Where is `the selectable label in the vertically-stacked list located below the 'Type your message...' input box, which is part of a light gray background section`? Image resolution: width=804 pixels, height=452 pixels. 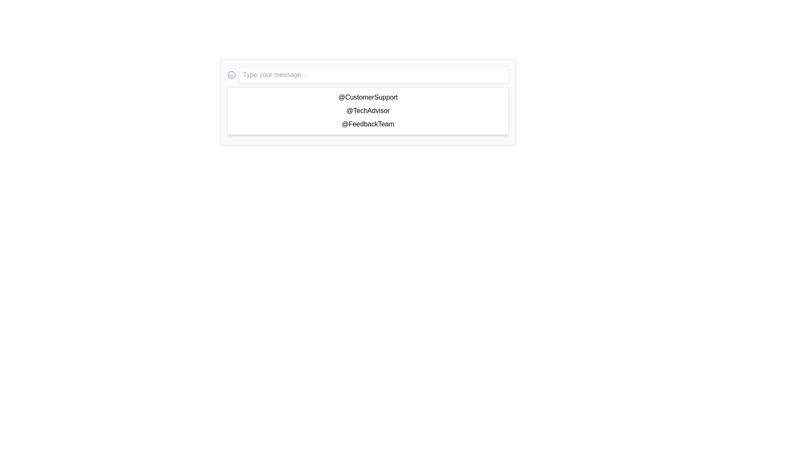 the selectable label in the vertically-stacked list located below the 'Type your message...' input box, which is part of a light gray background section is located at coordinates (368, 101).